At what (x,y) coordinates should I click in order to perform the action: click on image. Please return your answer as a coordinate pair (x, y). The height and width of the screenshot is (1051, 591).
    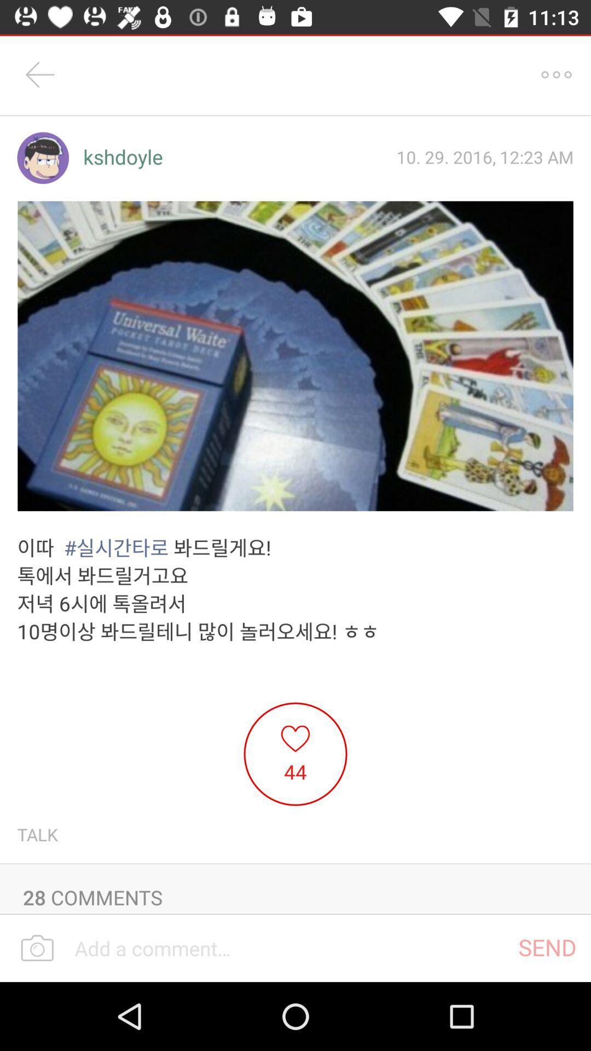
    Looking at the image, I should click on (296, 356).